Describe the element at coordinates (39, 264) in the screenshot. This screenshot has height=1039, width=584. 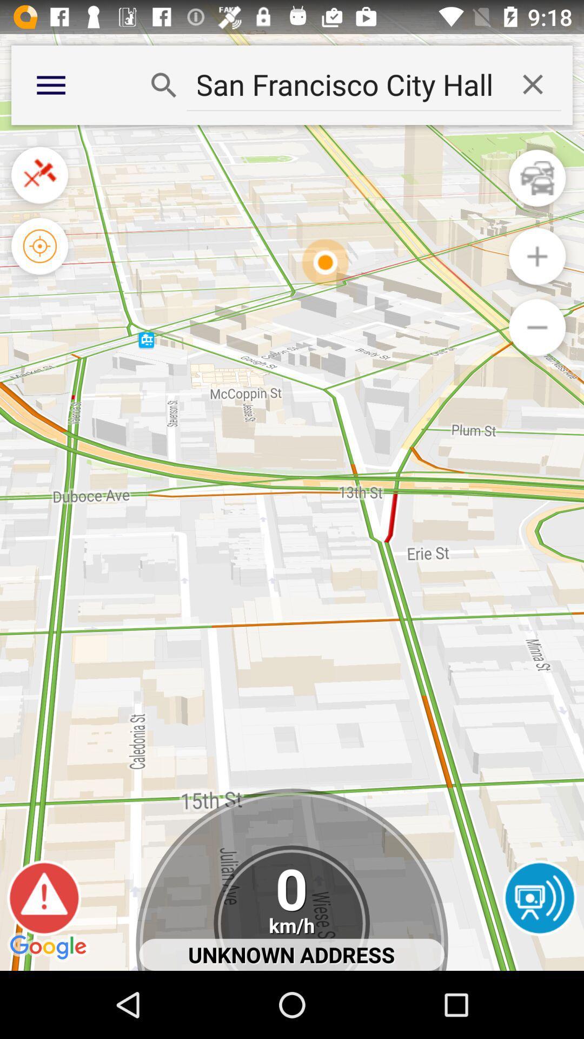
I see `the location_crosshair icon` at that location.